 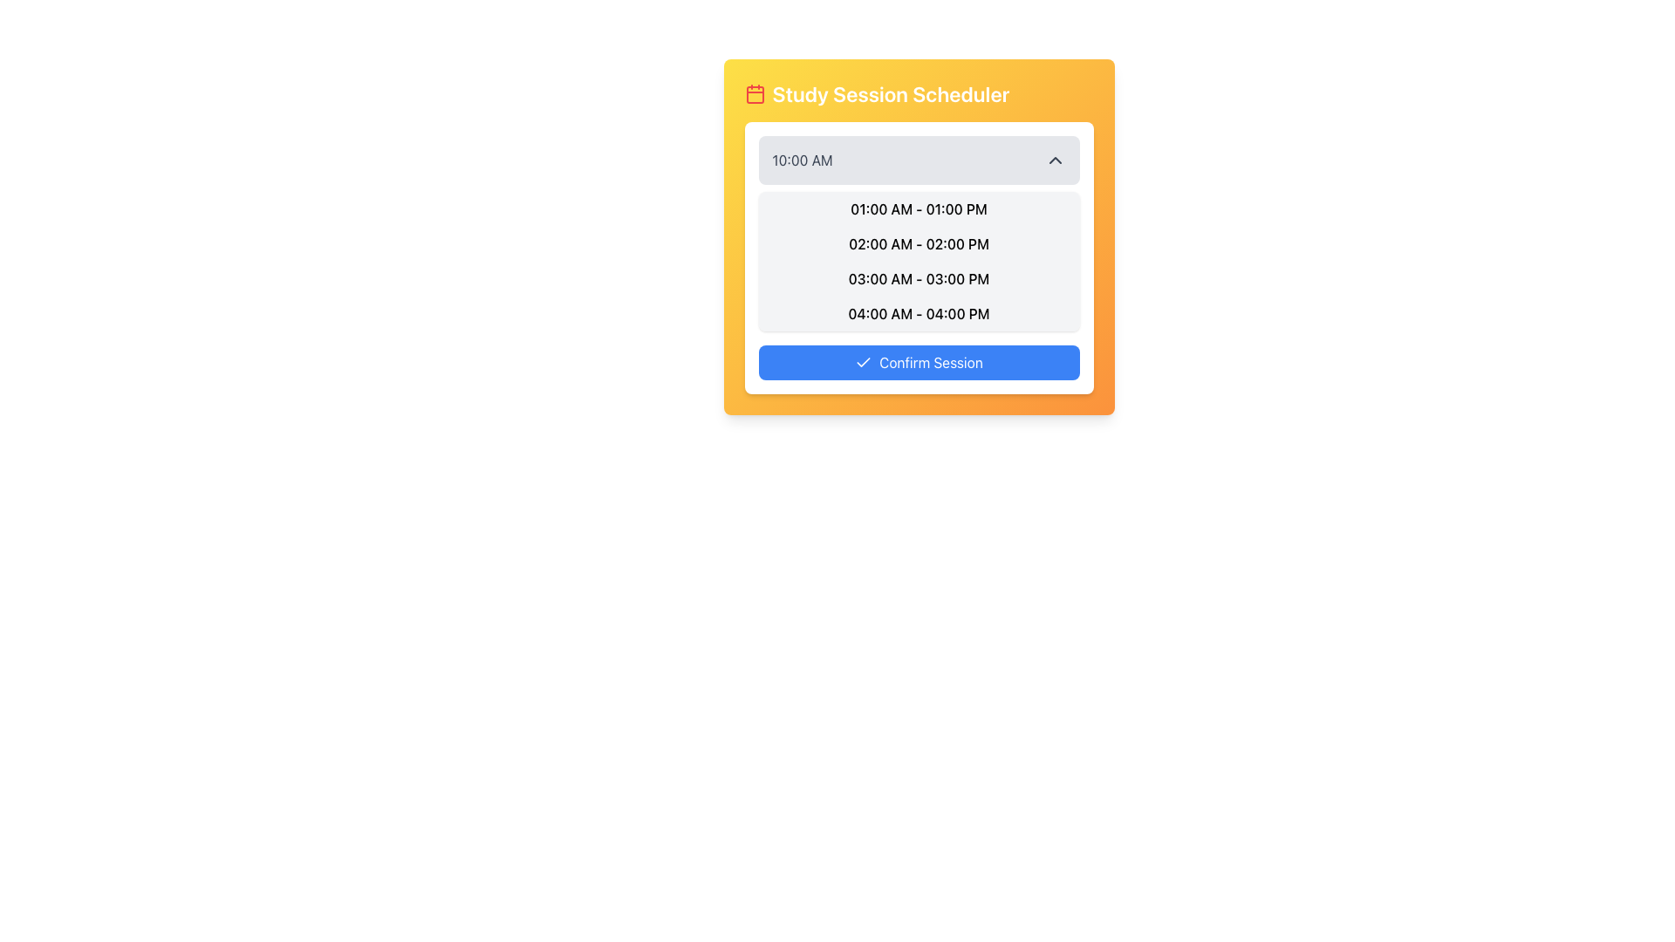 What do you see at coordinates (918, 208) in the screenshot?
I see `text label displaying the timing '01:00 AM - 01:00 PM', which is the first item in a vertical list within a drop-down menu beneath the '10:00 AM' time selector` at bounding box center [918, 208].